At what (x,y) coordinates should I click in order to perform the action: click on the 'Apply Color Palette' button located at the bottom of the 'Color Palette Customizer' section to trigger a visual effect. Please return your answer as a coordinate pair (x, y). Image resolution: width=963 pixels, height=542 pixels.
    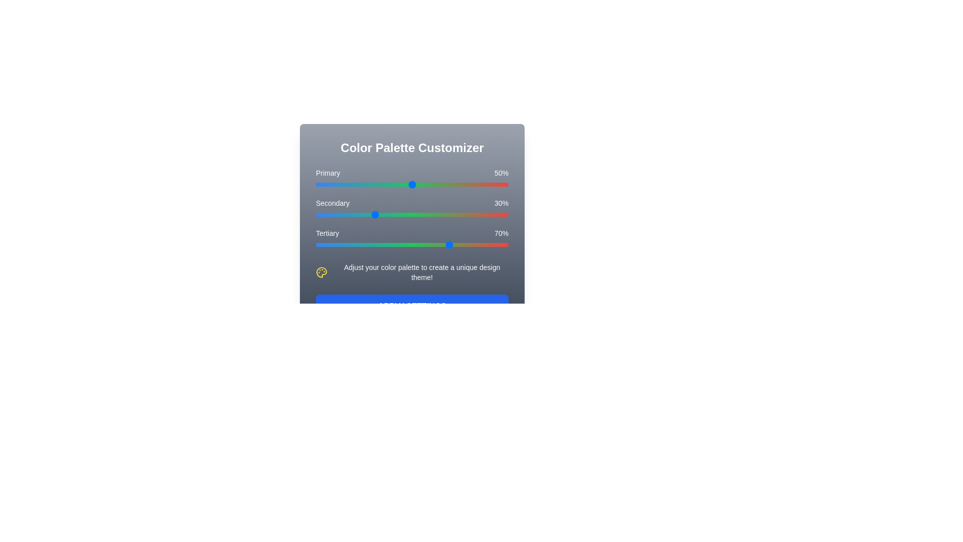
    Looking at the image, I should click on (412, 306).